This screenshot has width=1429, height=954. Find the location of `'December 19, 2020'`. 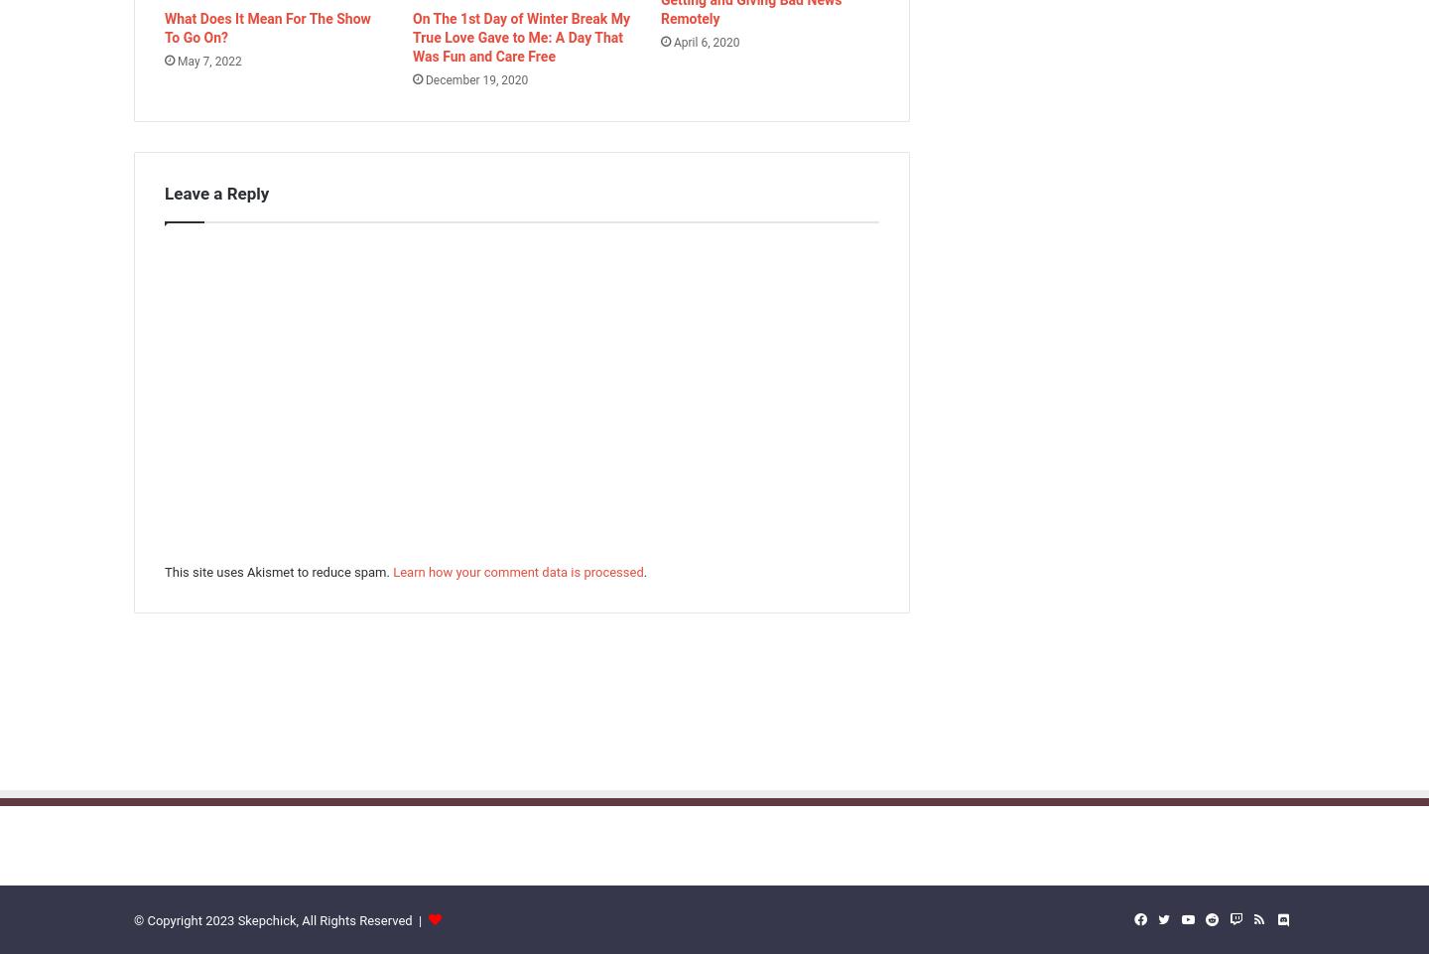

'December 19, 2020' is located at coordinates (475, 80).